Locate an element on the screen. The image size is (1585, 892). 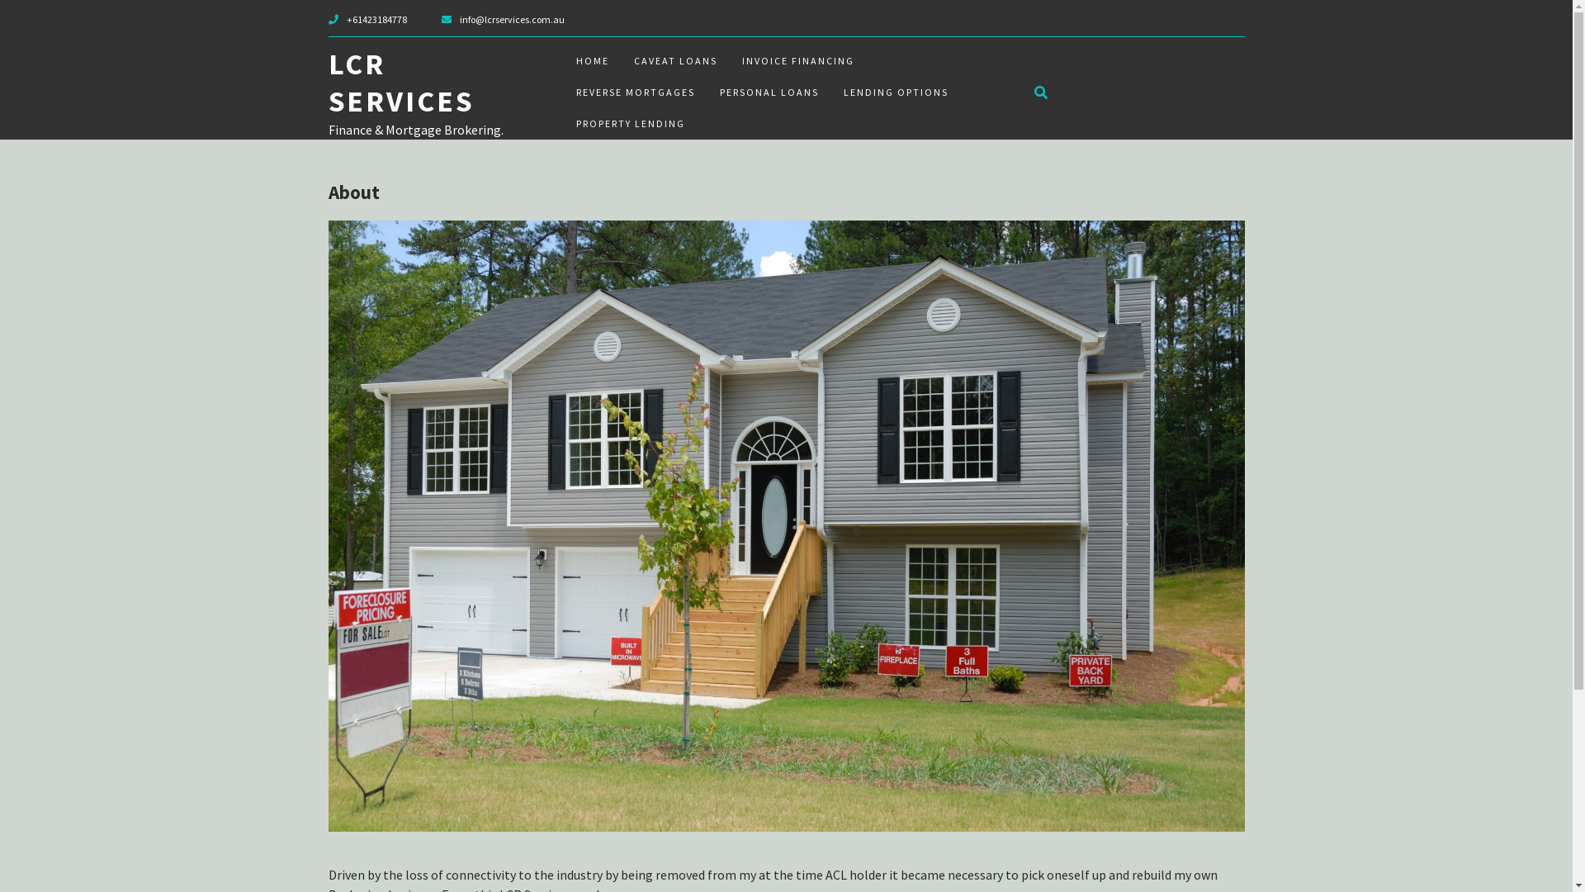
'PROPERTY LENDING' is located at coordinates (629, 123).